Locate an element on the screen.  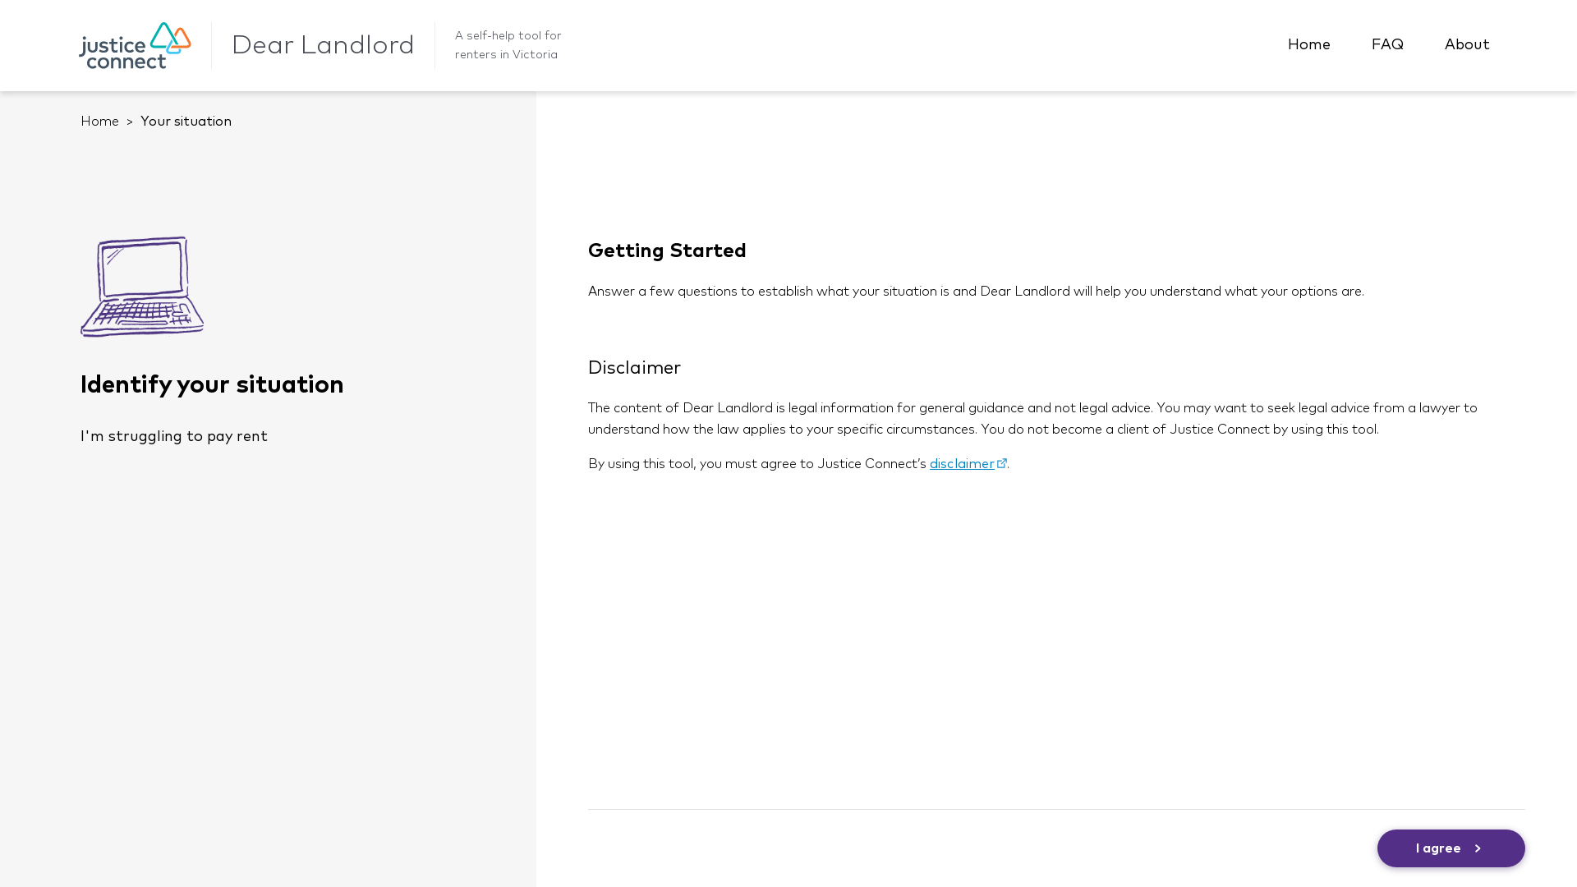
'I agree' is located at coordinates (1451, 848).